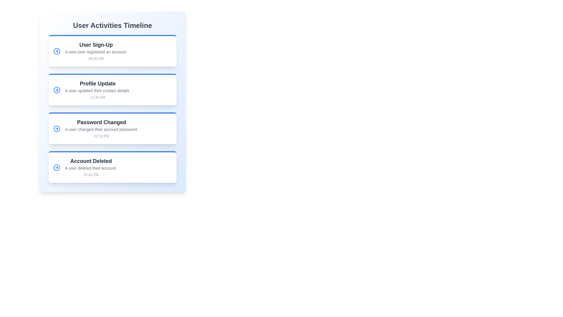  What do you see at coordinates (101, 122) in the screenshot?
I see `the 'Password Changed' heading which is styled in bold, dark gray and is larger than surrounding text in the third block of the vertical timeline list` at bounding box center [101, 122].